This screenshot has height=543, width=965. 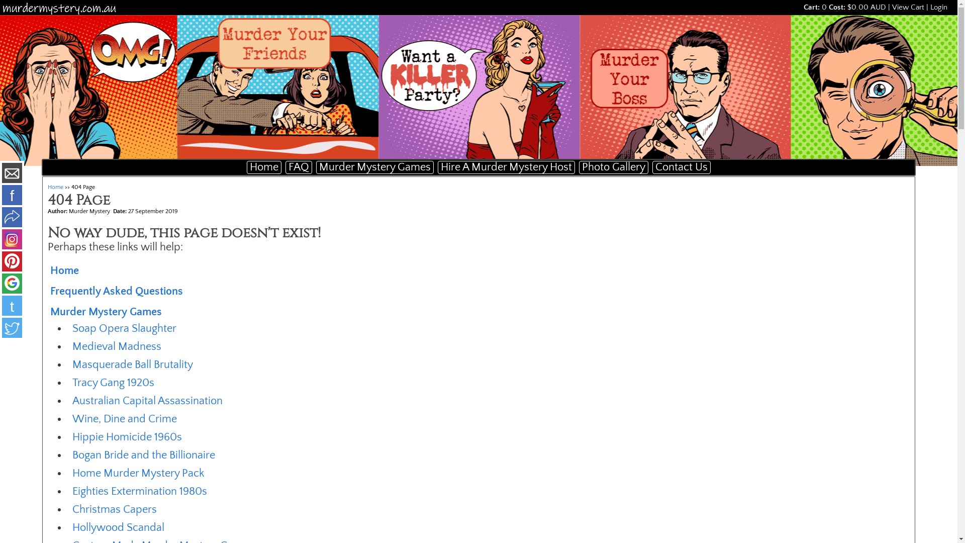 I want to click on 'Contact Us', so click(x=655, y=166).